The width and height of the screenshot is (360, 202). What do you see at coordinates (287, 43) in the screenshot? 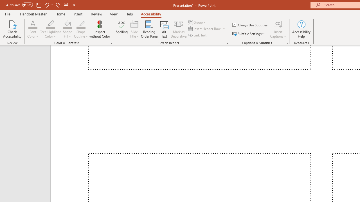
I see `'Captions & Subtitles'` at bounding box center [287, 43].